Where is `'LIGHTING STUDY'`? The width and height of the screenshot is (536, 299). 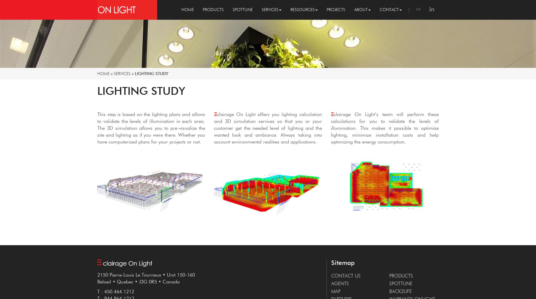 'LIGHTING STUDY' is located at coordinates (141, 91).